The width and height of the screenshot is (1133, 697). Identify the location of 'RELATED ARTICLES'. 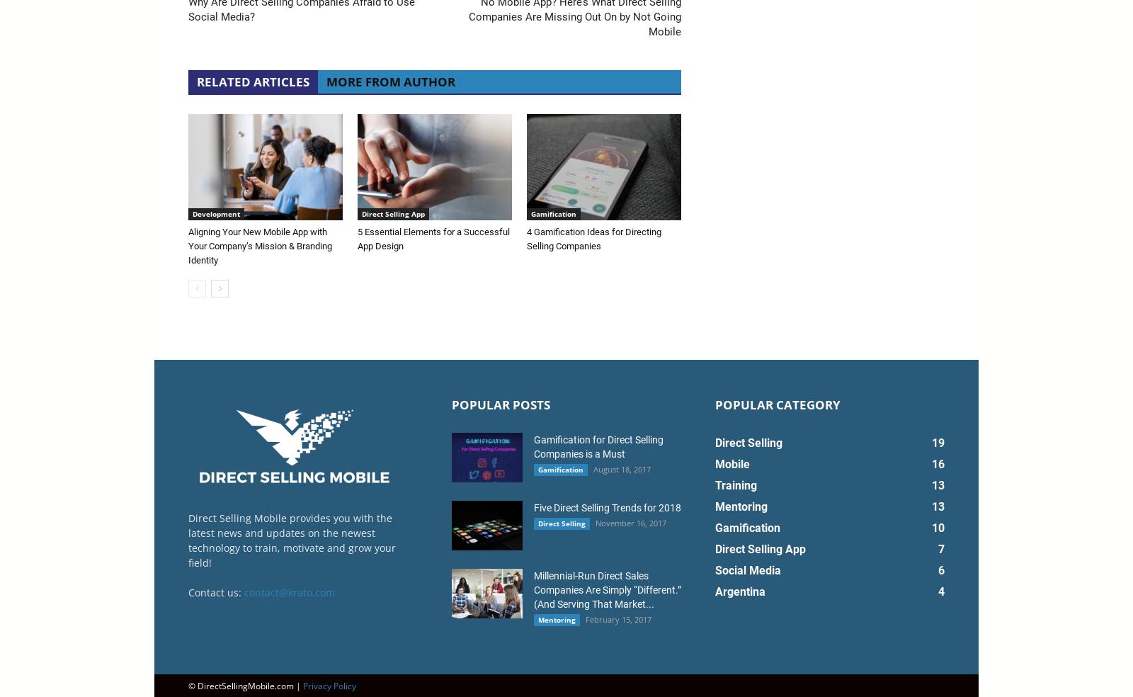
(253, 80).